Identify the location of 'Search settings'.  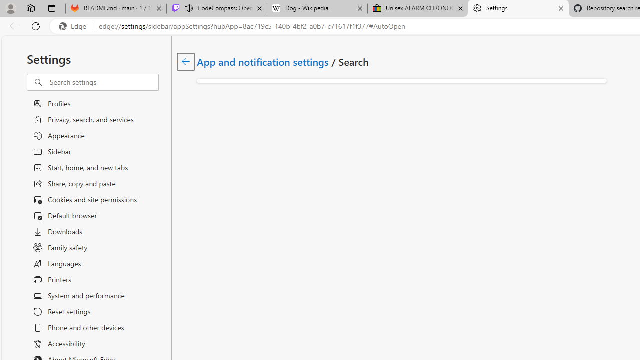
(104, 82).